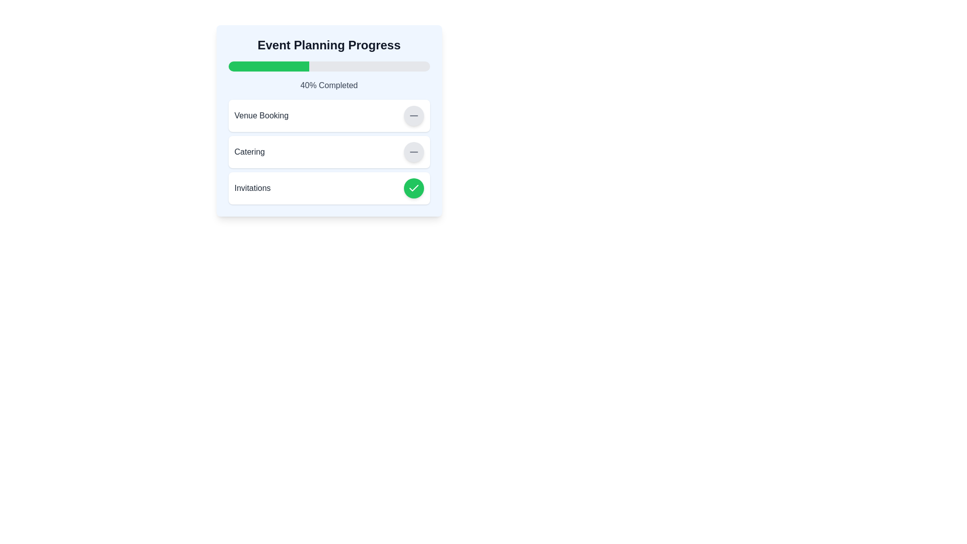 The height and width of the screenshot is (544, 967). I want to click on the 'Catering' display card, which is the second item in a vertical stack of three cards within the event planning application interface, so click(329, 152).